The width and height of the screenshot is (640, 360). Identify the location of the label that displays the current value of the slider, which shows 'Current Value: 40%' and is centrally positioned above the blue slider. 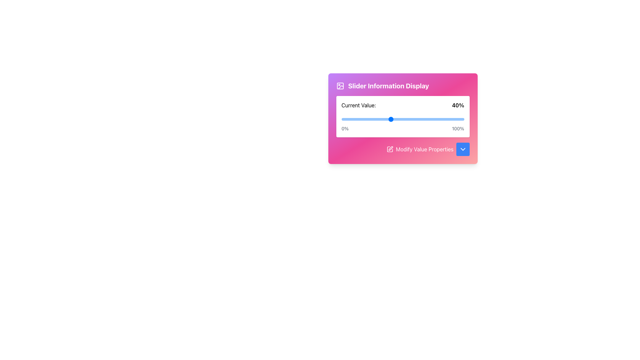
(402, 108).